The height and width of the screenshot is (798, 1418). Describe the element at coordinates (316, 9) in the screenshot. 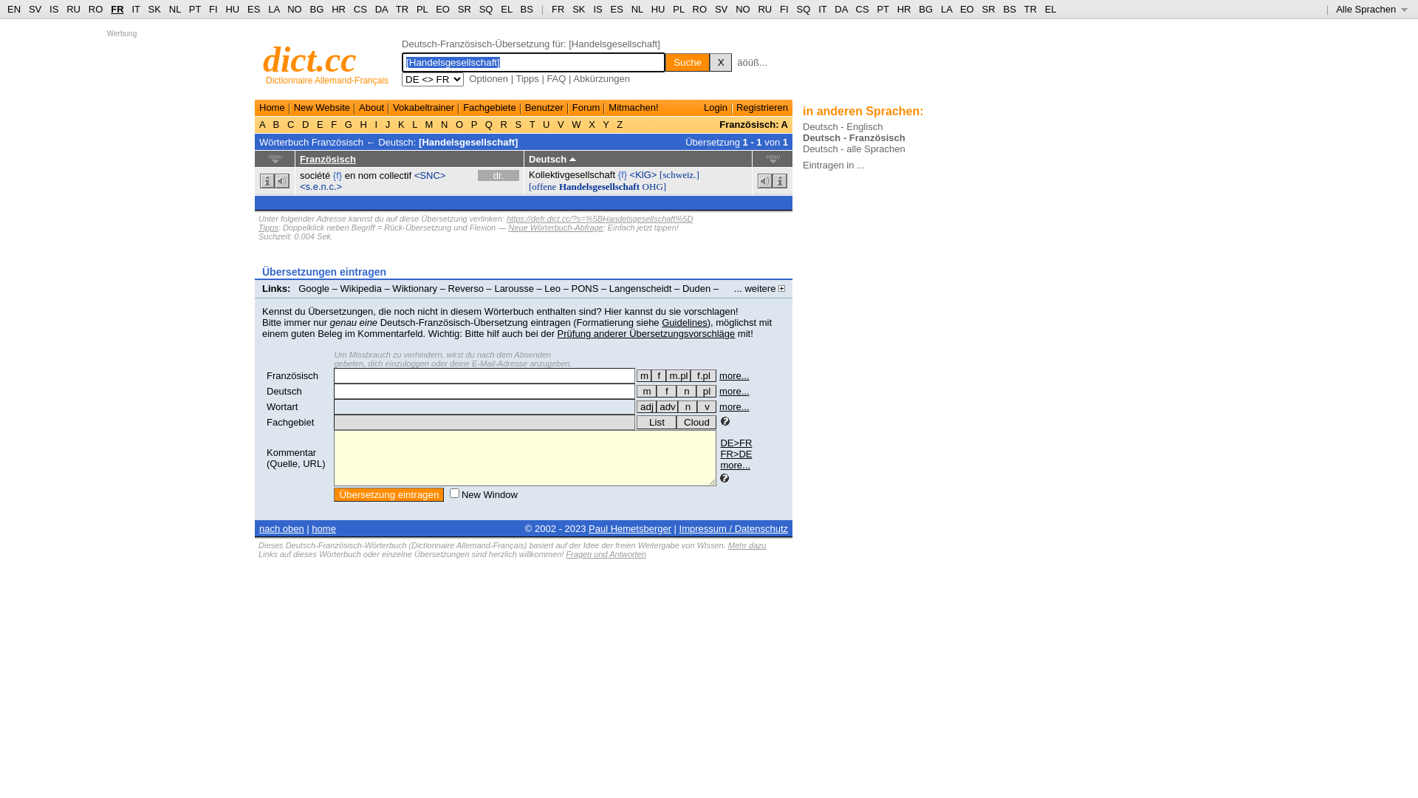

I see `'BG'` at that location.